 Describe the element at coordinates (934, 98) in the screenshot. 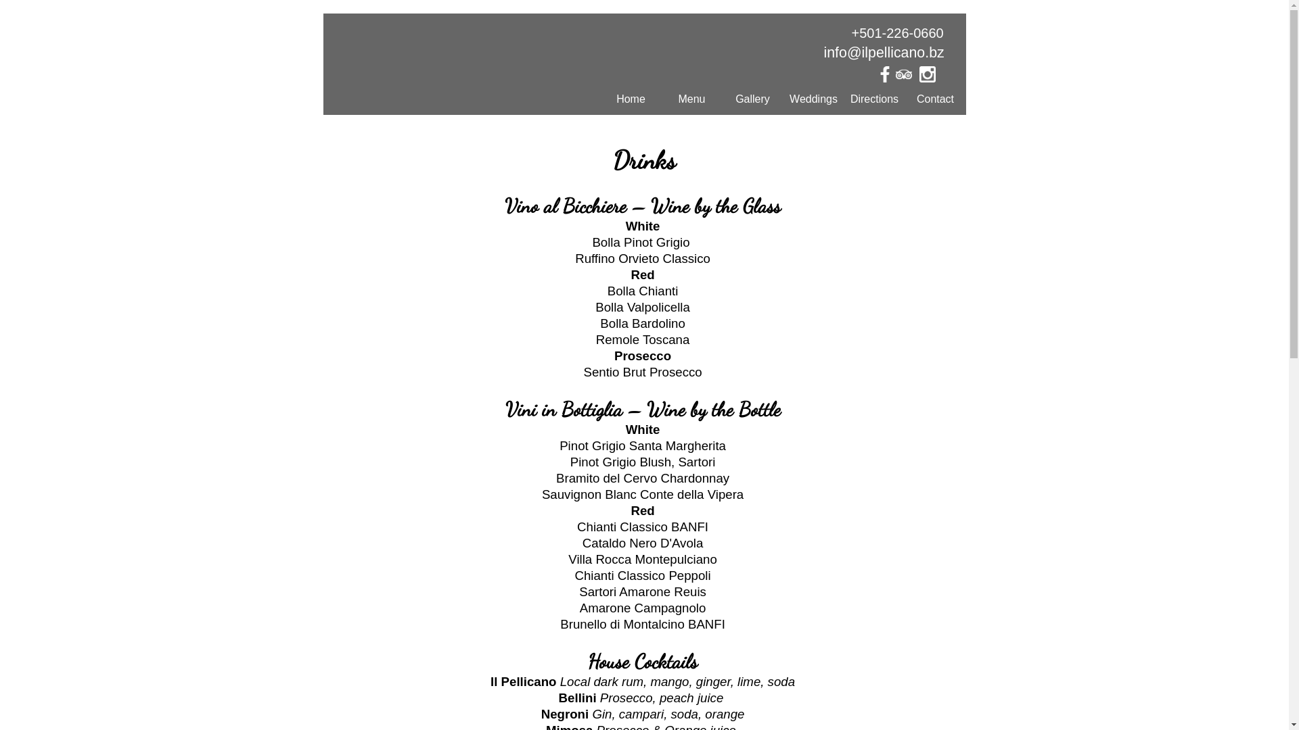

I see `'Contact'` at that location.